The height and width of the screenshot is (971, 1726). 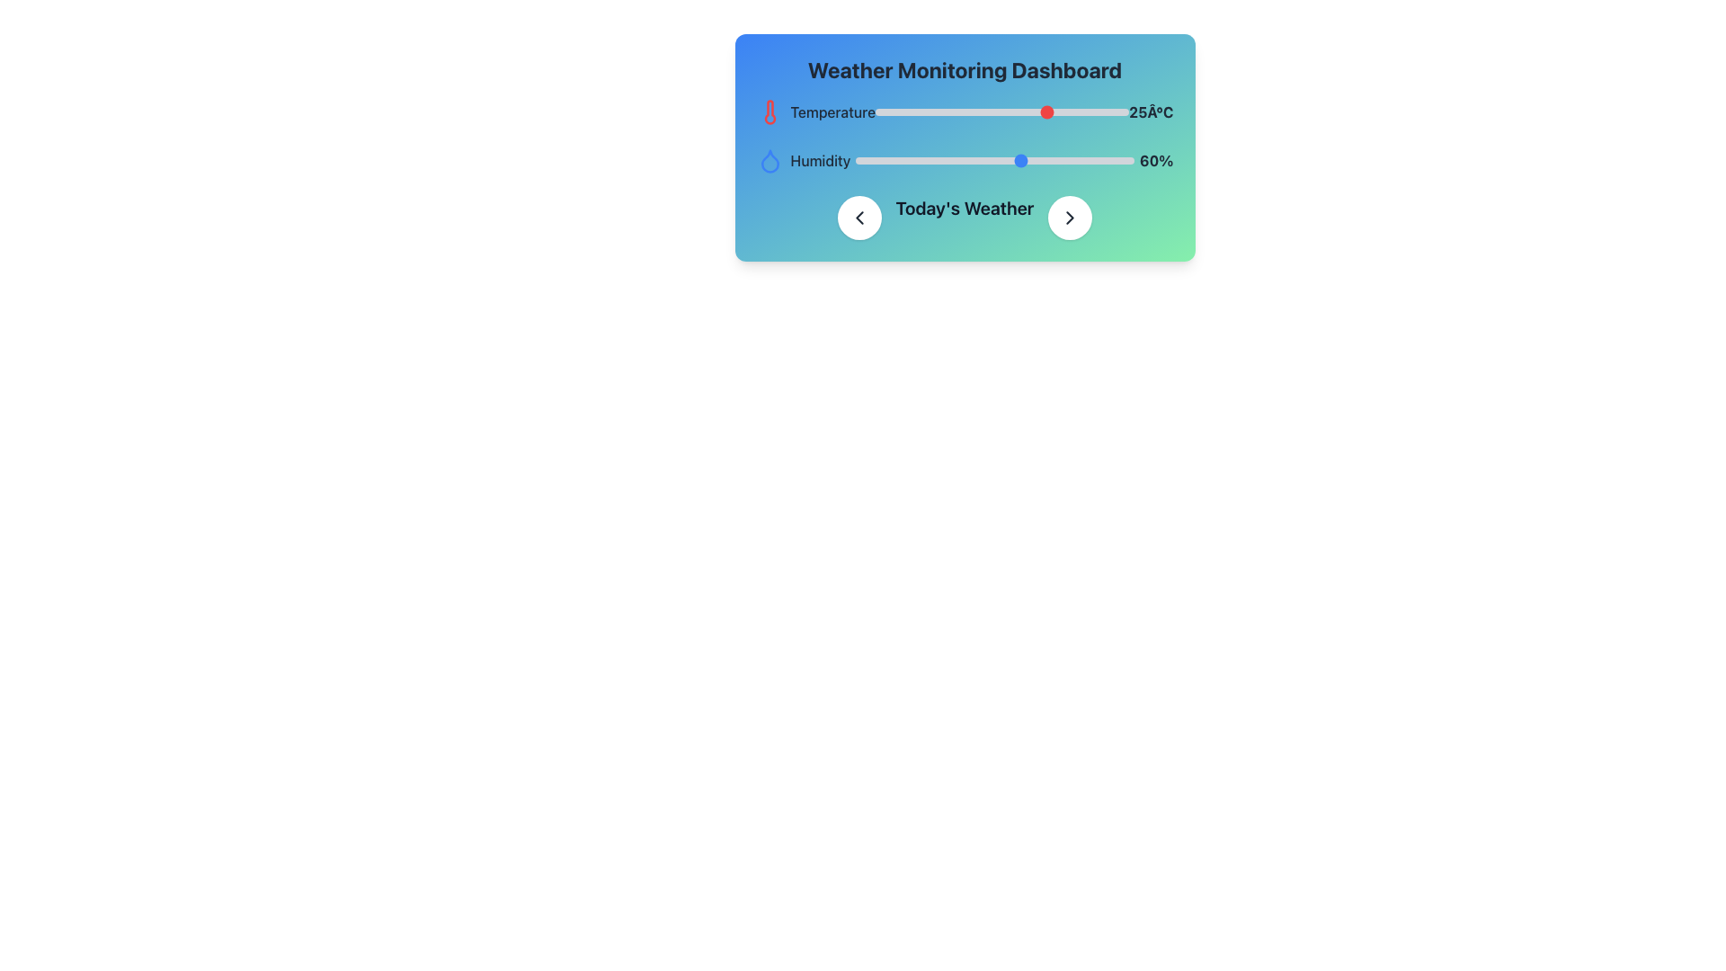 What do you see at coordinates (1070, 217) in the screenshot?
I see `the rightmost navigation button for 'Today's Weather'` at bounding box center [1070, 217].